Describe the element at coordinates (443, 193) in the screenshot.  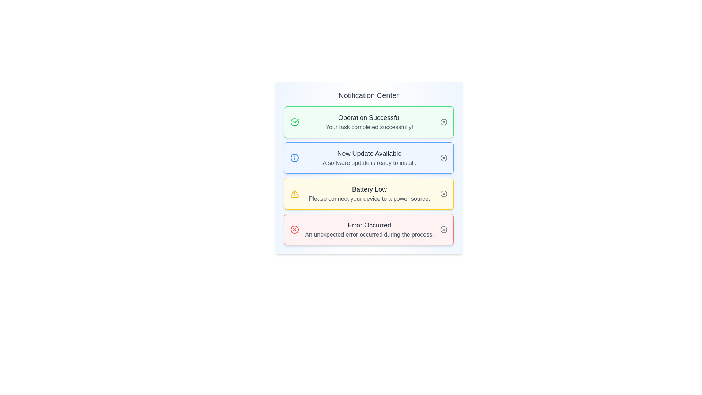
I see `the circular button with a cross symbol in the top-right corner of the 'Battery Low' notification box` at that location.